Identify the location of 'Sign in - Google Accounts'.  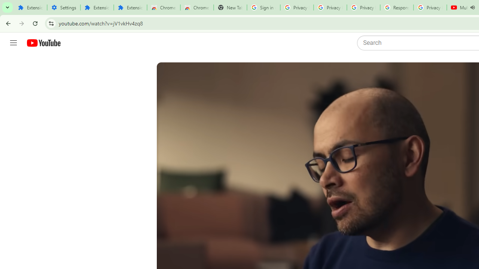
(263, 7).